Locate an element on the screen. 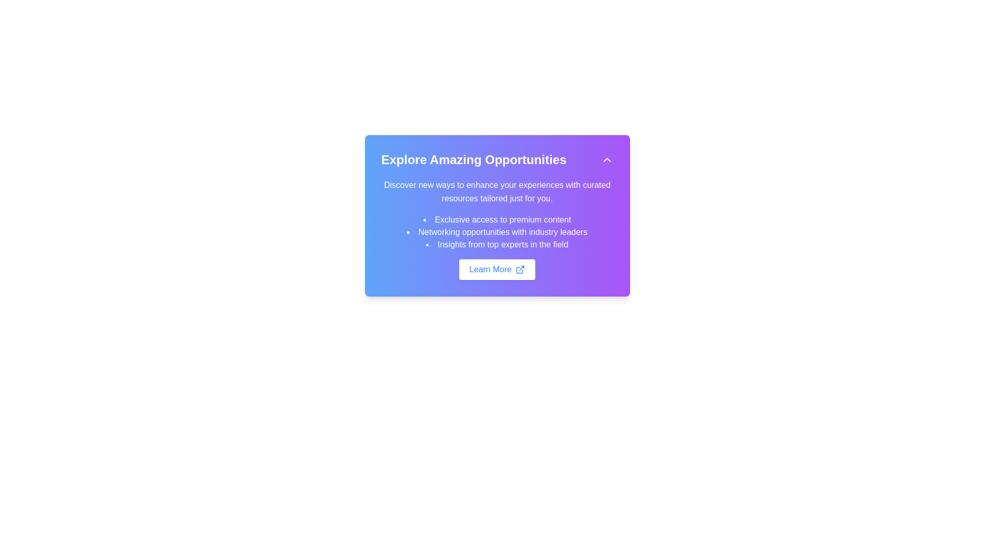  the text element that reads 'Discover new ways to enhance your experiences with curated resources tailored just for you.' which is positioned directly below the heading 'Explore Amazing Opportunities.' is located at coordinates (497, 192).